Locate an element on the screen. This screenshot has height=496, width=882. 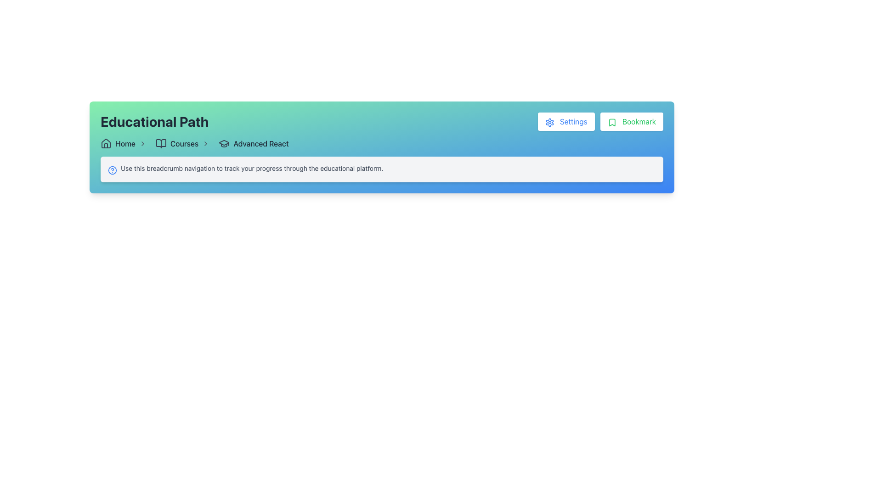
the settings button located at the top right of the interface, just before the 'Bookmark' button is located at coordinates (565, 121).